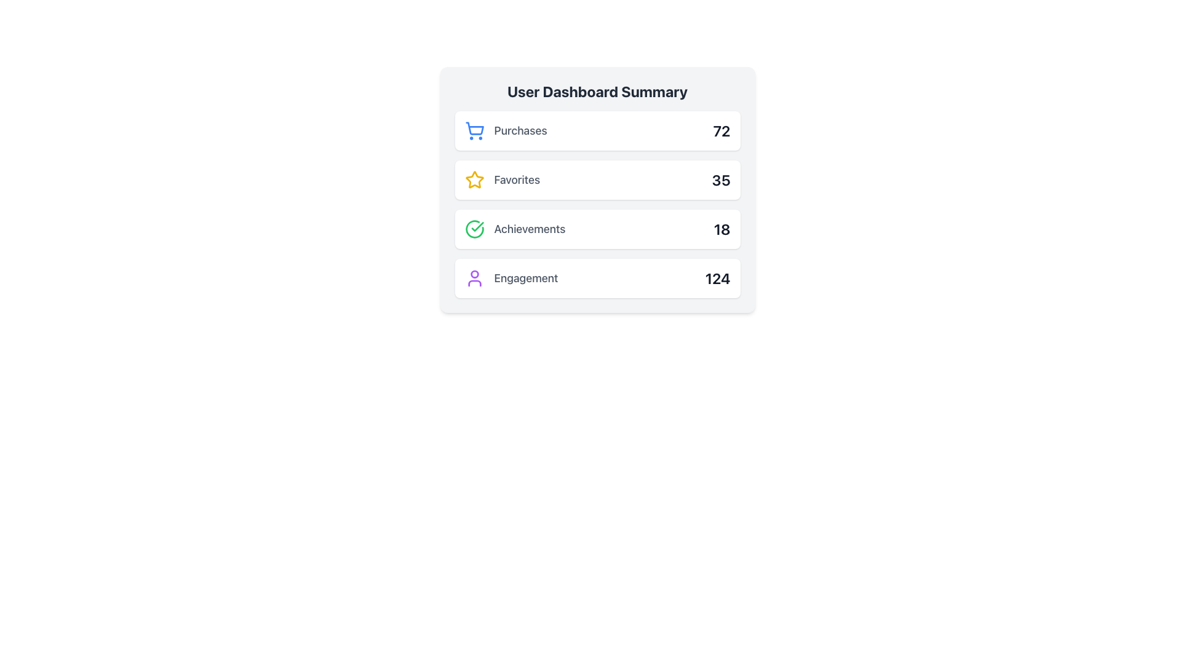 The height and width of the screenshot is (664, 1181). Describe the element at coordinates (515, 229) in the screenshot. I see `the 'Achievements' label with a green checkmark icon` at that location.